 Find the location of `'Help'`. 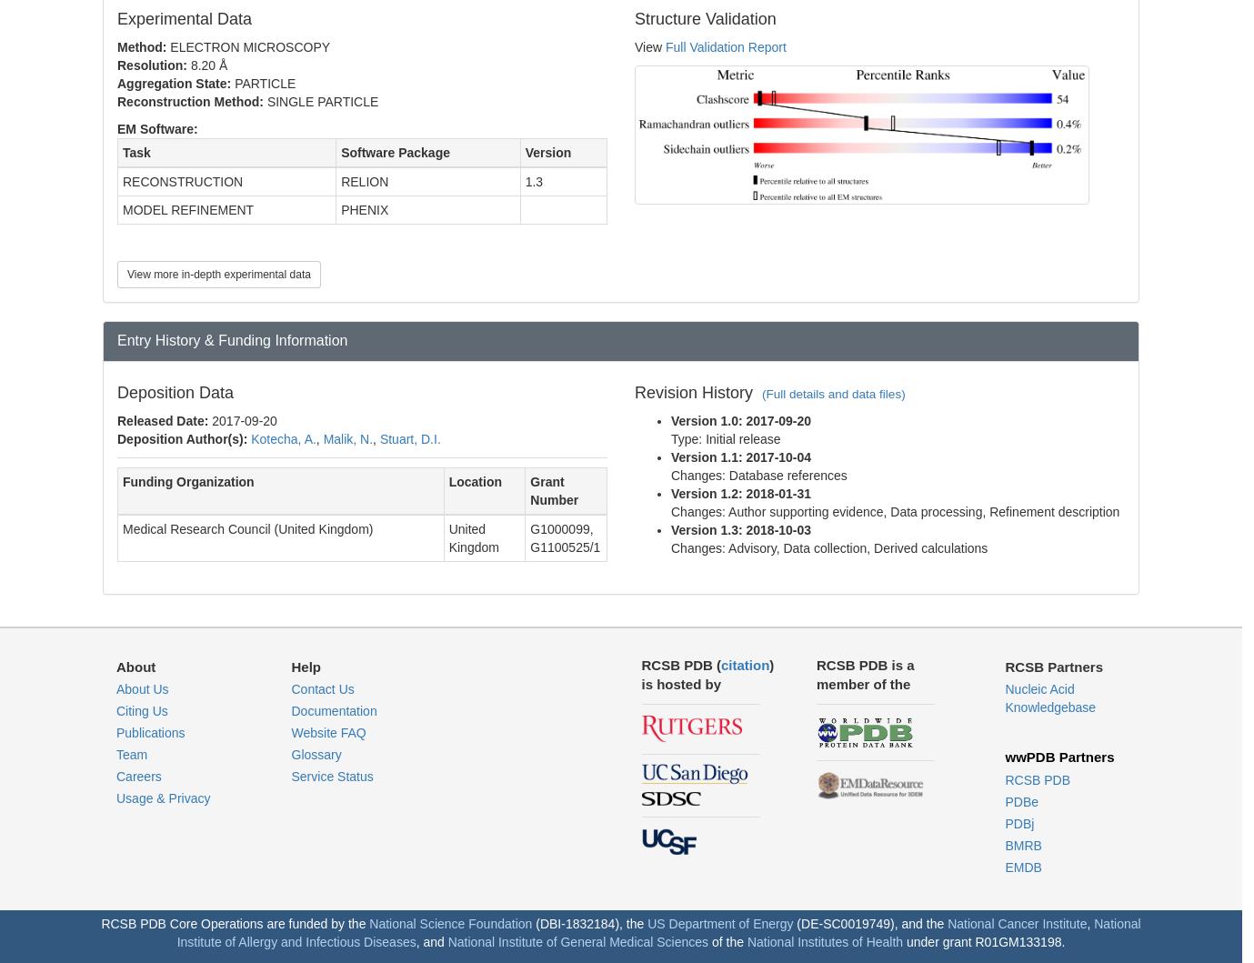

'Help' is located at coordinates (306, 666).